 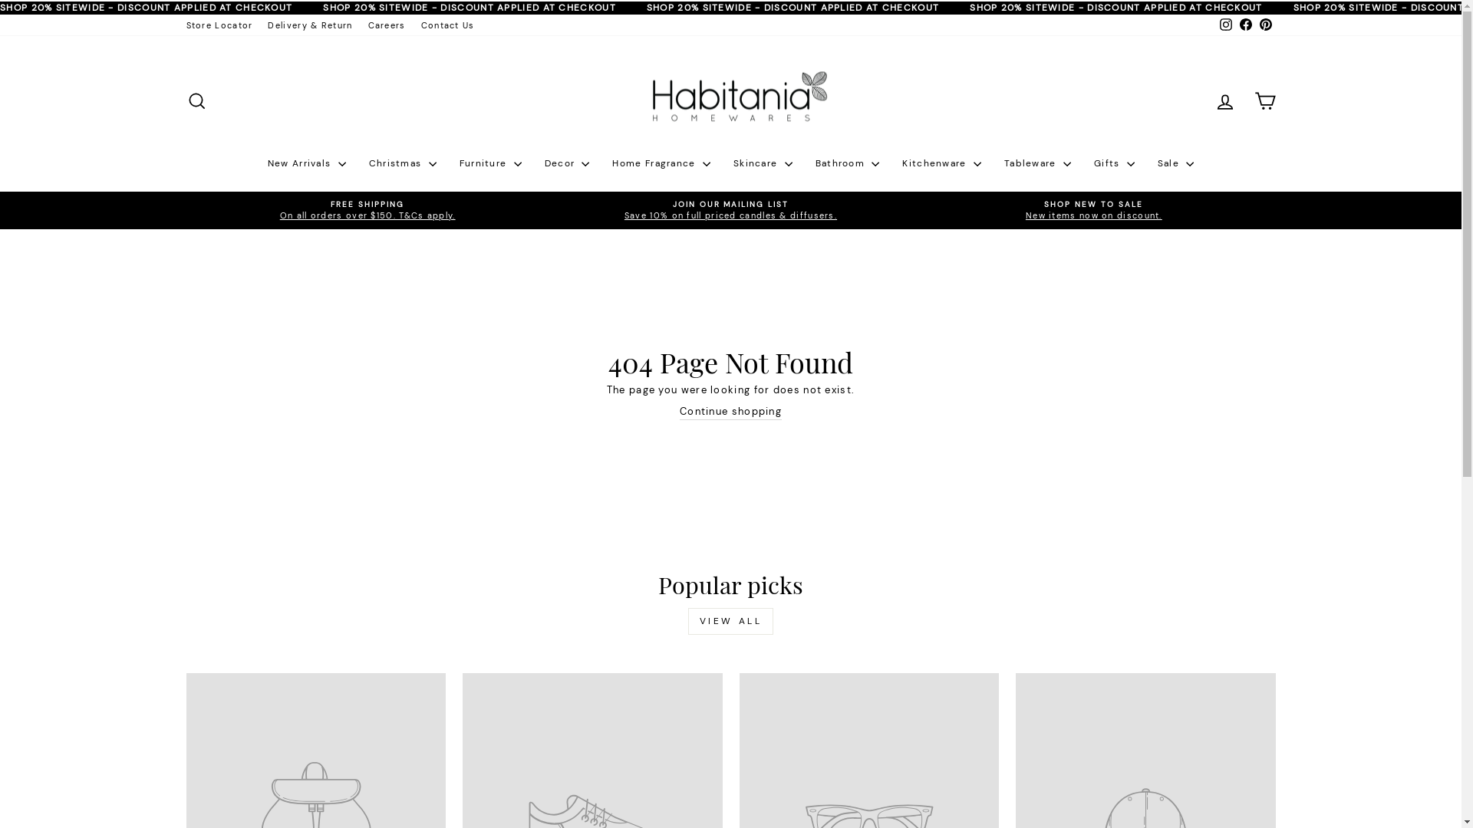 I want to click on 'Careers', so click(x=387, y=25).